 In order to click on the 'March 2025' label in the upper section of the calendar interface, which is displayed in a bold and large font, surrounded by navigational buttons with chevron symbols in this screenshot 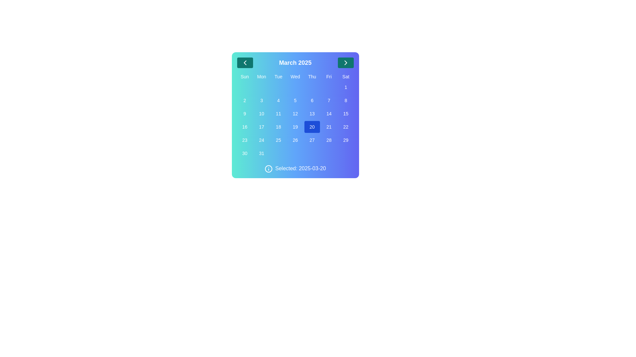, I will do `click(295, 62)`.